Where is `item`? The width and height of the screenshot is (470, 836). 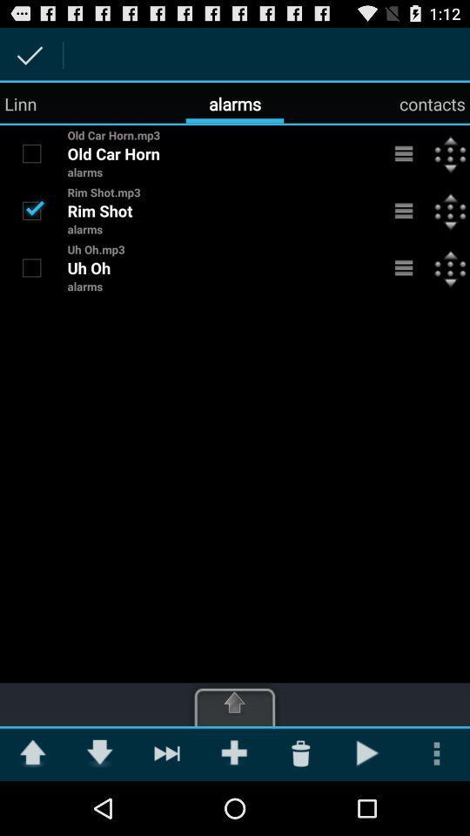
item is located at coordinates (31, 267).